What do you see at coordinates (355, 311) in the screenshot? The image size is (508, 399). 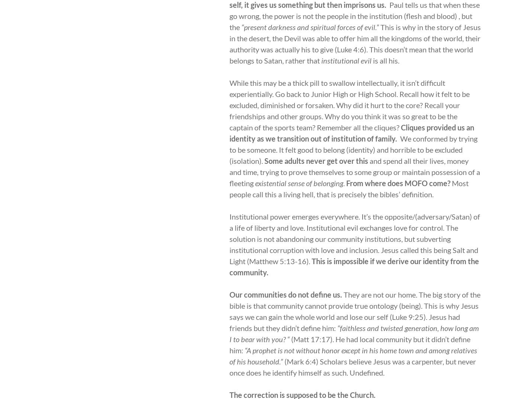 I see `'They are not our home. The big story of the bible is that community cannot provide true ontology (being). This is why Jesus says we can gain the whole world and lose our self (Luke 9:25). Jesus had friends but they didn’t define him:'` at bounding box center [355, 311].